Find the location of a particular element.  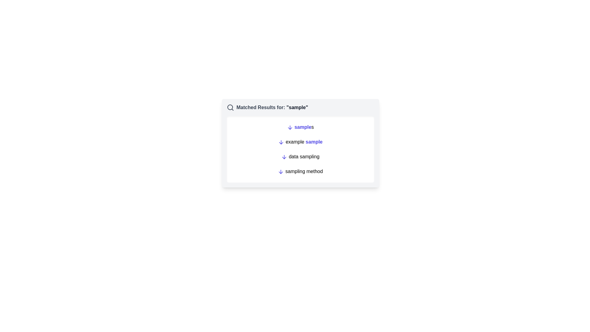

the arrow icon located near the left side of the 'samples' text to bring up a context menu is located at coordinates (289, 127).